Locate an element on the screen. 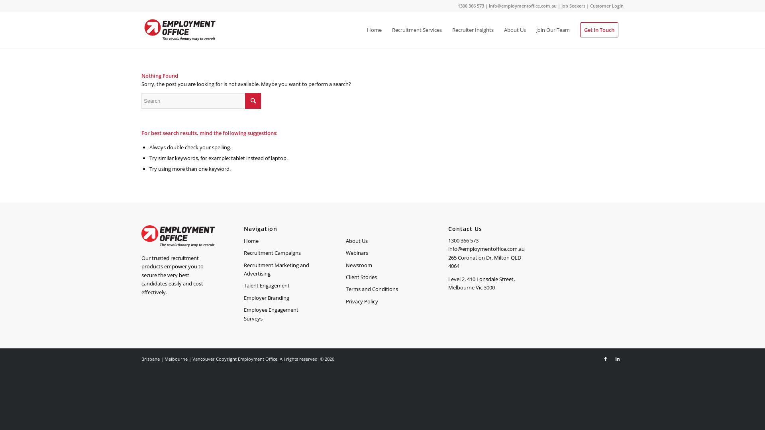 Image resolution: width=765 pixels, height=430 pixels. 'Job Seekers' is located at coordinates (573, 6).